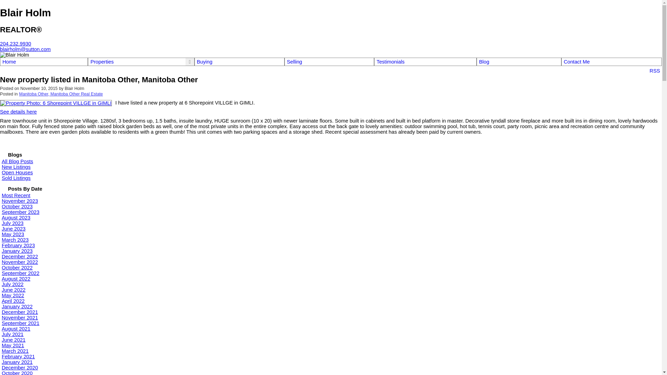 The width and height of the screenshot is (667, 375). Describe the element at coordinates (1, 223) in the screenshot. I see `'July 2023'` at that location.